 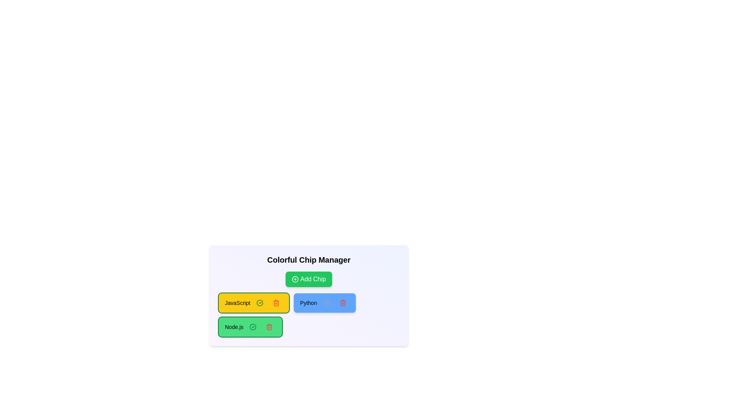 What do you see at coordinates (253, 327) in the screenshot?
I see `the chip labeled Node.js by clicking its toggle button` at bounding box center [253, 327].